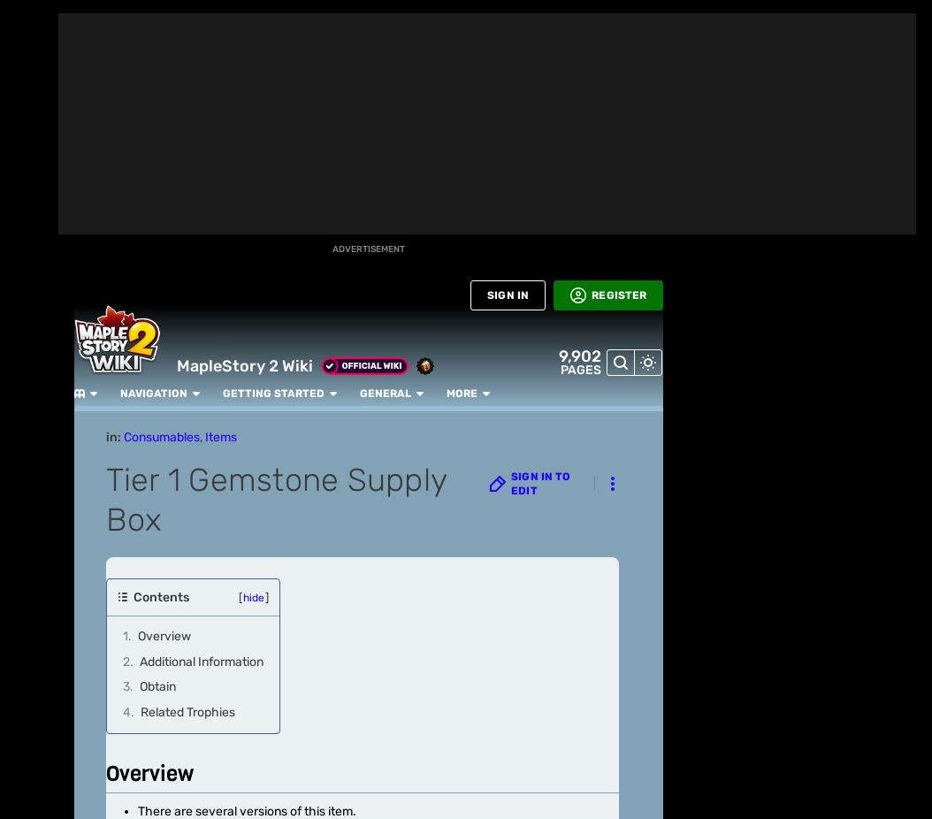 Image resolution: width=932 pixels, height=819 pixels. Describe the element at coordinates (201, 32) in the screenshot. I see `'Tier 1 Power Gemstone'` at that location.